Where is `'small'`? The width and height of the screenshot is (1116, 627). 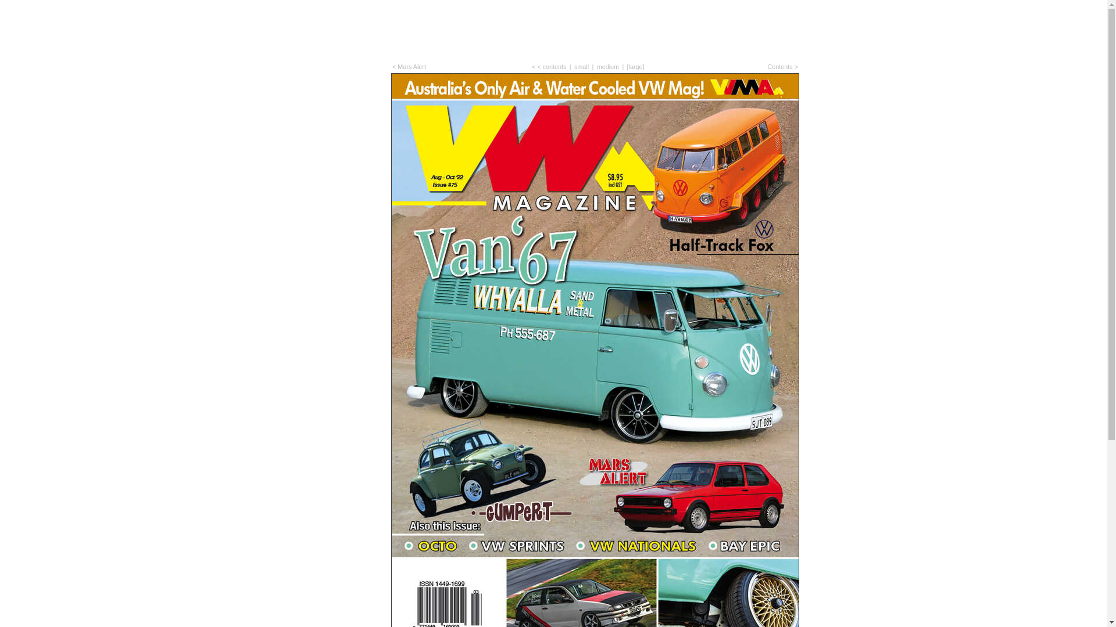 'small' is located at coordinates (581, 67).